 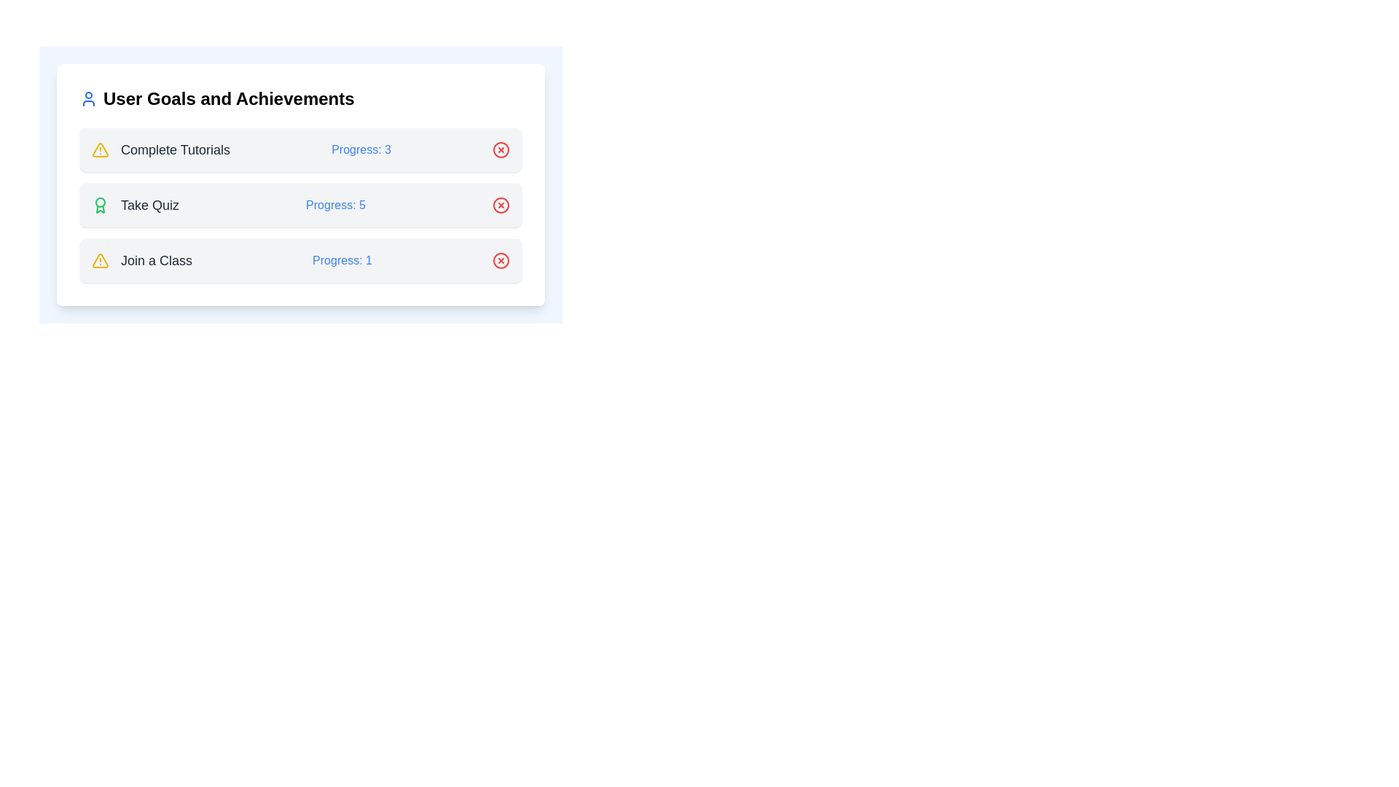 I want to click on the warning icon located to the left of the 'Join a Class' text in the third row under the 'User Goals and Achievements' section, so click(x=100, y=260).